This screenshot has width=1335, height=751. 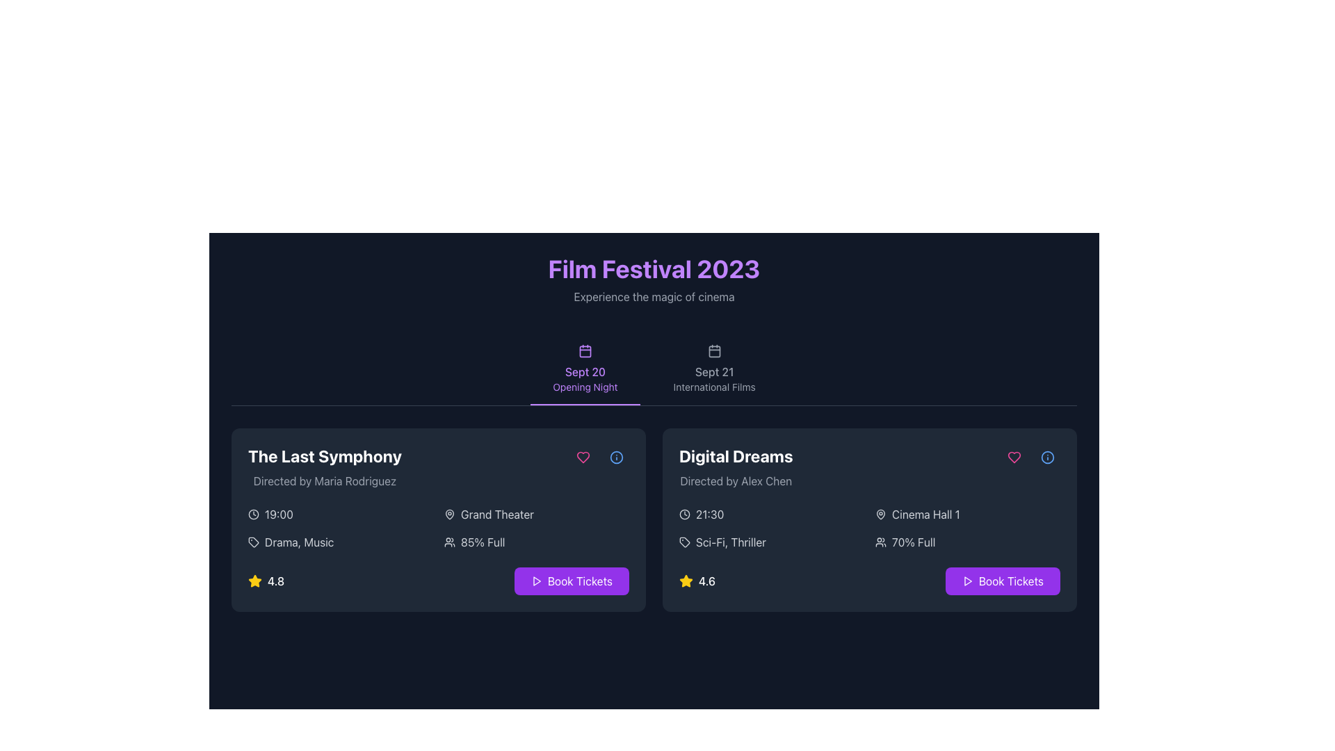 I want to click on the pink heart-shaped icon representing 'like' or 'favorite' functionality located in the top right corner of the 'Digital Dreams' card, so click(x=1014, y=458).